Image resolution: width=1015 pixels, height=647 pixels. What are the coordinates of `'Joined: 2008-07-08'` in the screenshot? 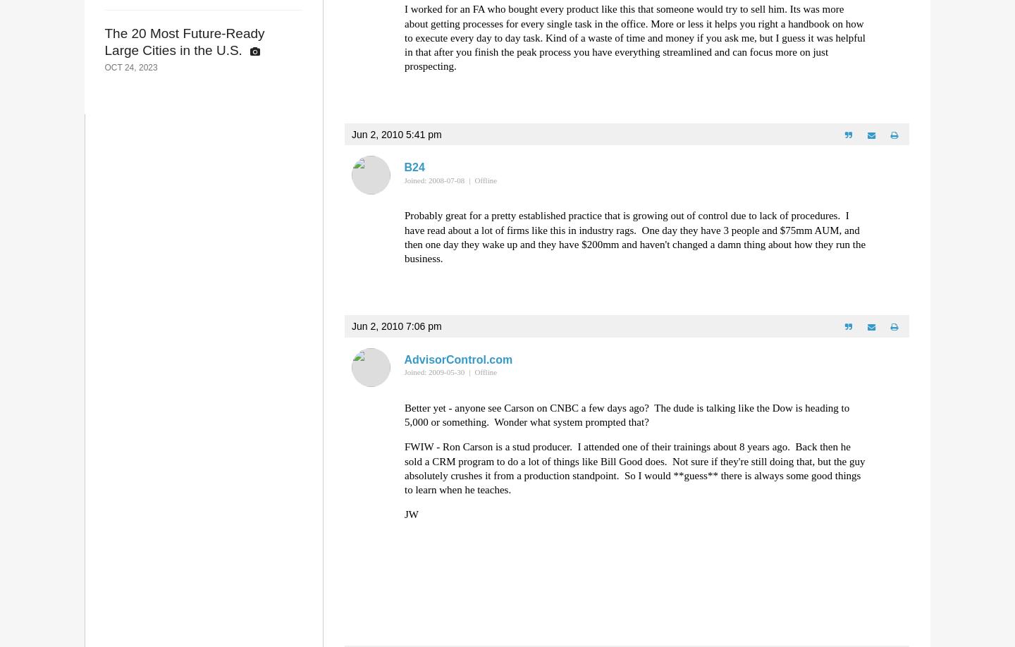 It's located at (433, 179).